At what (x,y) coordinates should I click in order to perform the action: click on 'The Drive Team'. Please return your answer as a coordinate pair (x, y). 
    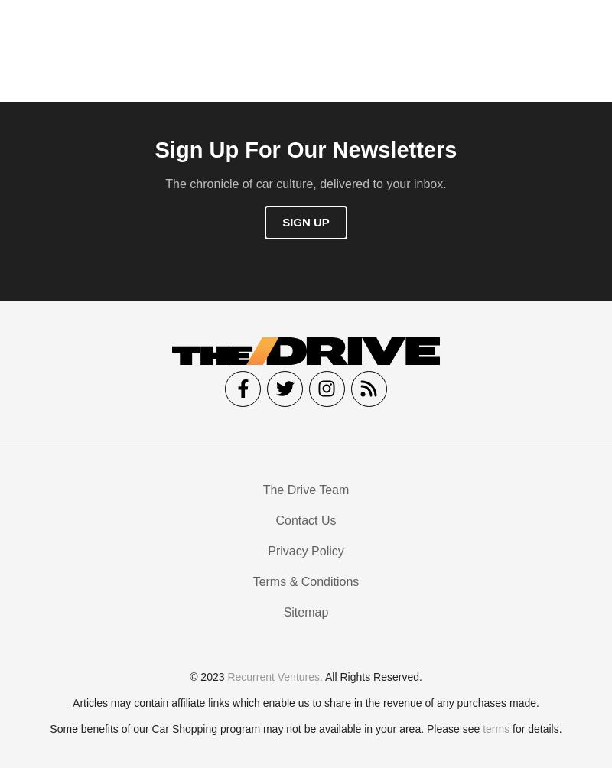
    Looking at the image, I should click on (304, 493).